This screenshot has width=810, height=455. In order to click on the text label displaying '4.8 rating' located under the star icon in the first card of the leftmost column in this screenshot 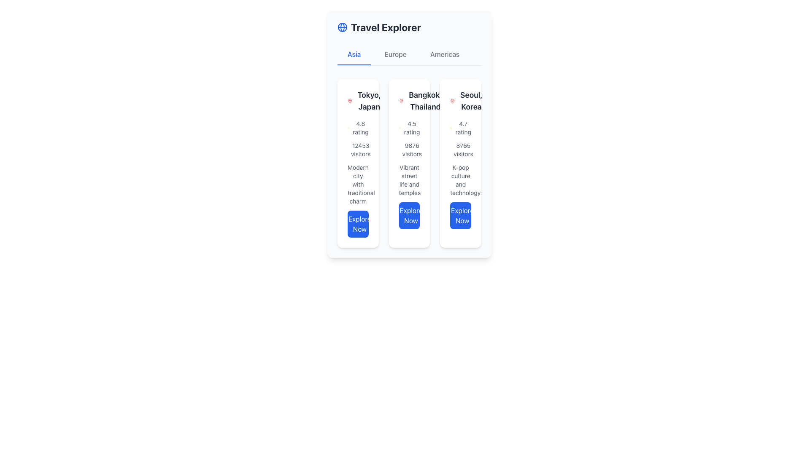, I will do `click(360, 128)`.